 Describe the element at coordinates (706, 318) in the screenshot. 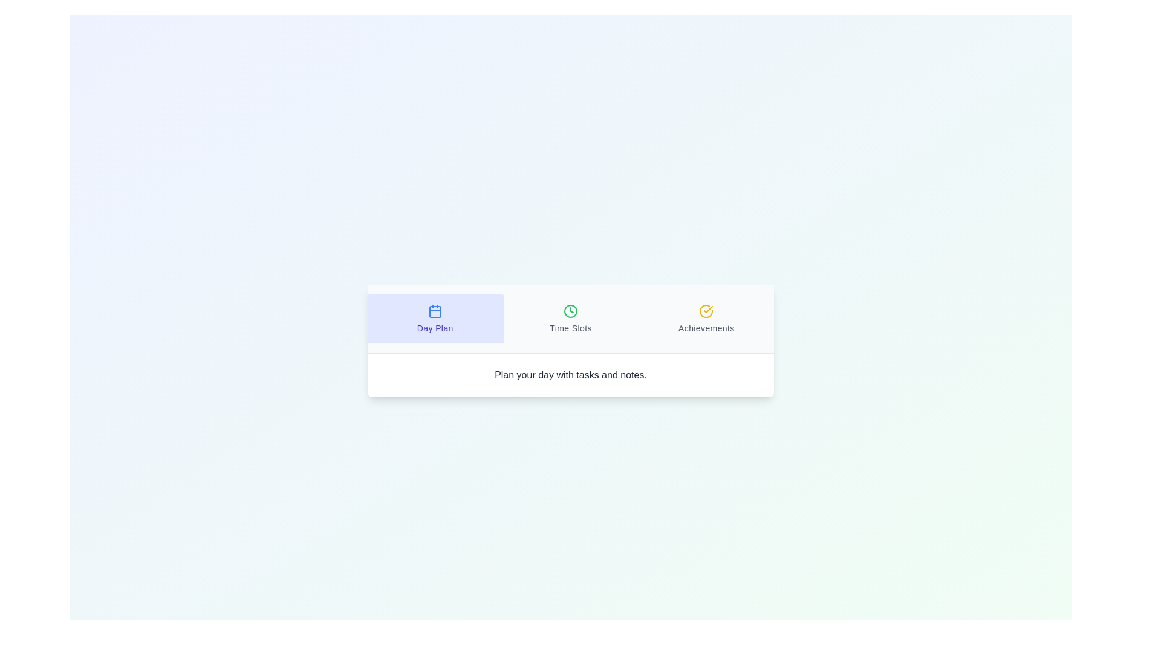

I see `the tab titled Achievements` at that location.